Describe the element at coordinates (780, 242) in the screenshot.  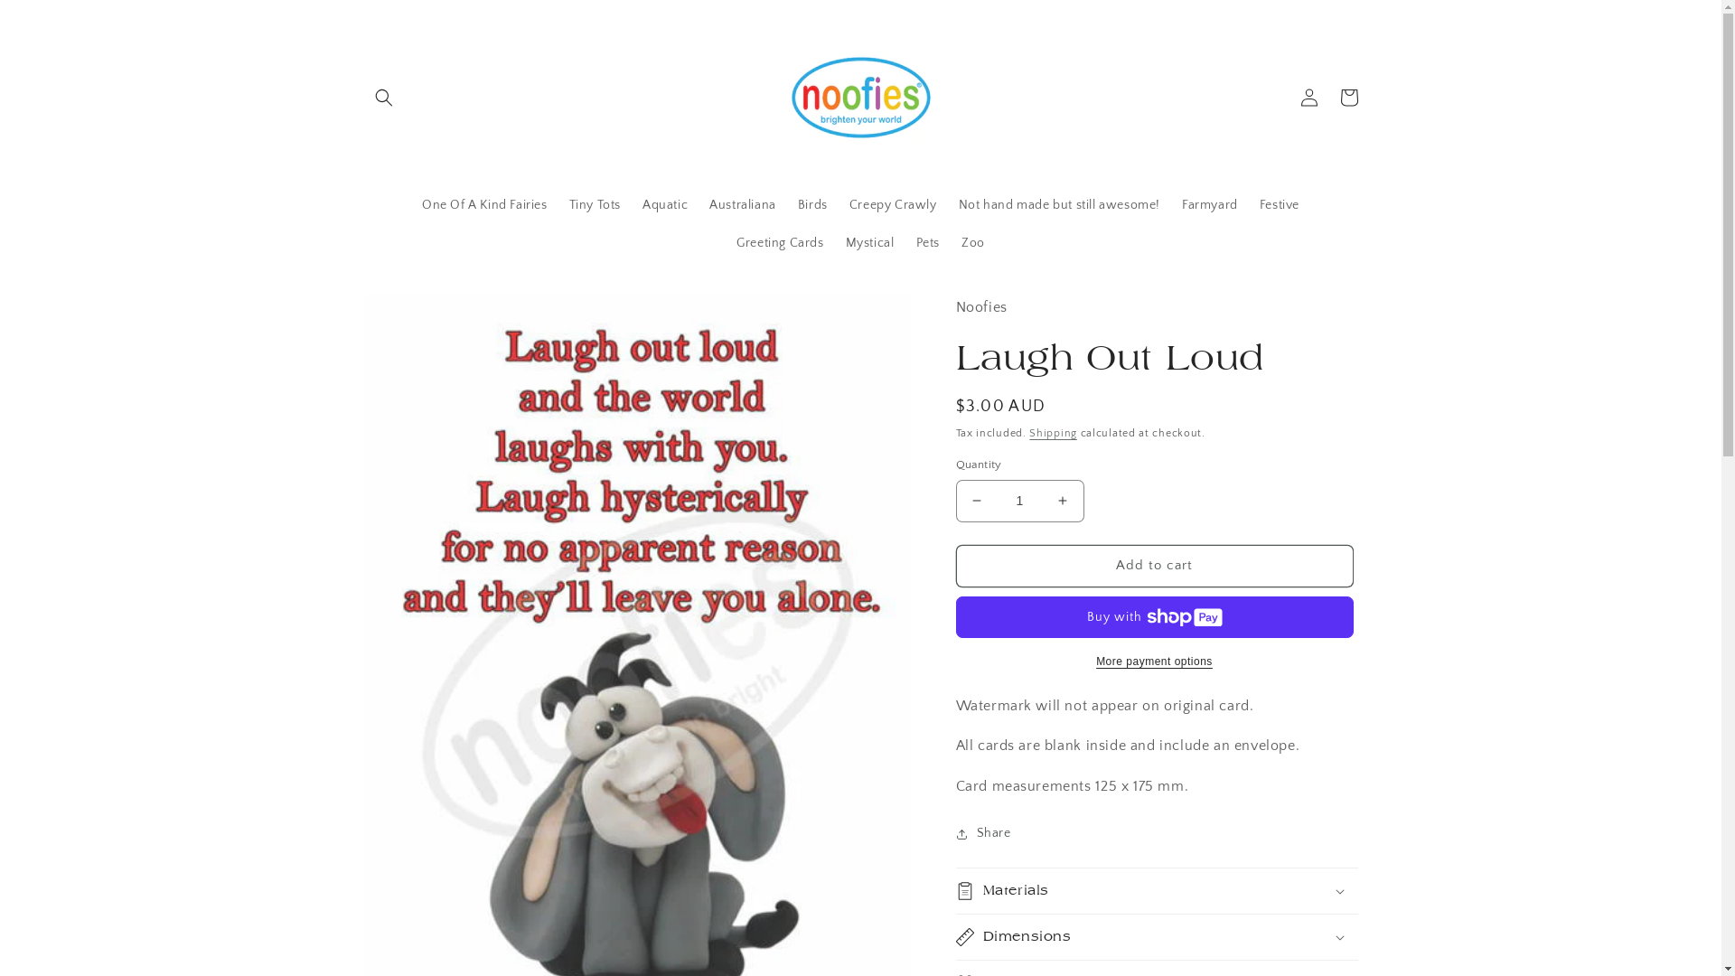
I see `'Greeting Cards'` at that location.